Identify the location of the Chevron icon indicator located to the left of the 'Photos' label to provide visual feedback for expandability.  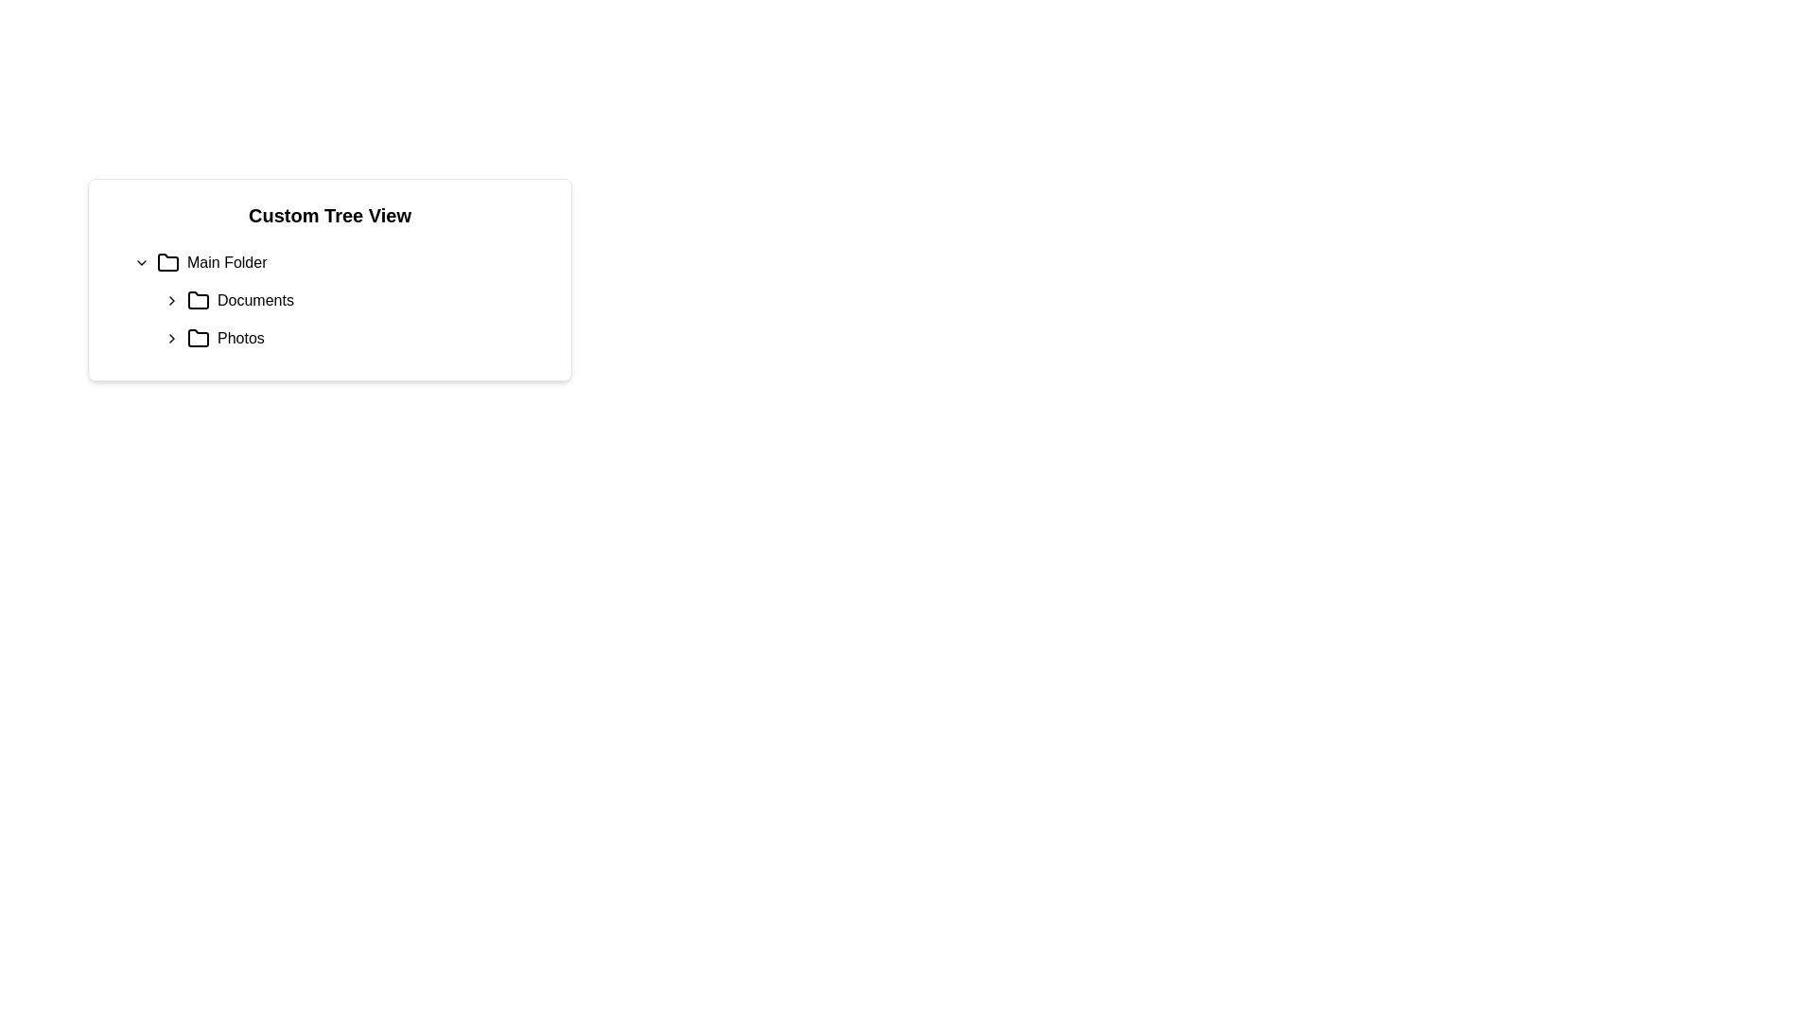
(172, 338).